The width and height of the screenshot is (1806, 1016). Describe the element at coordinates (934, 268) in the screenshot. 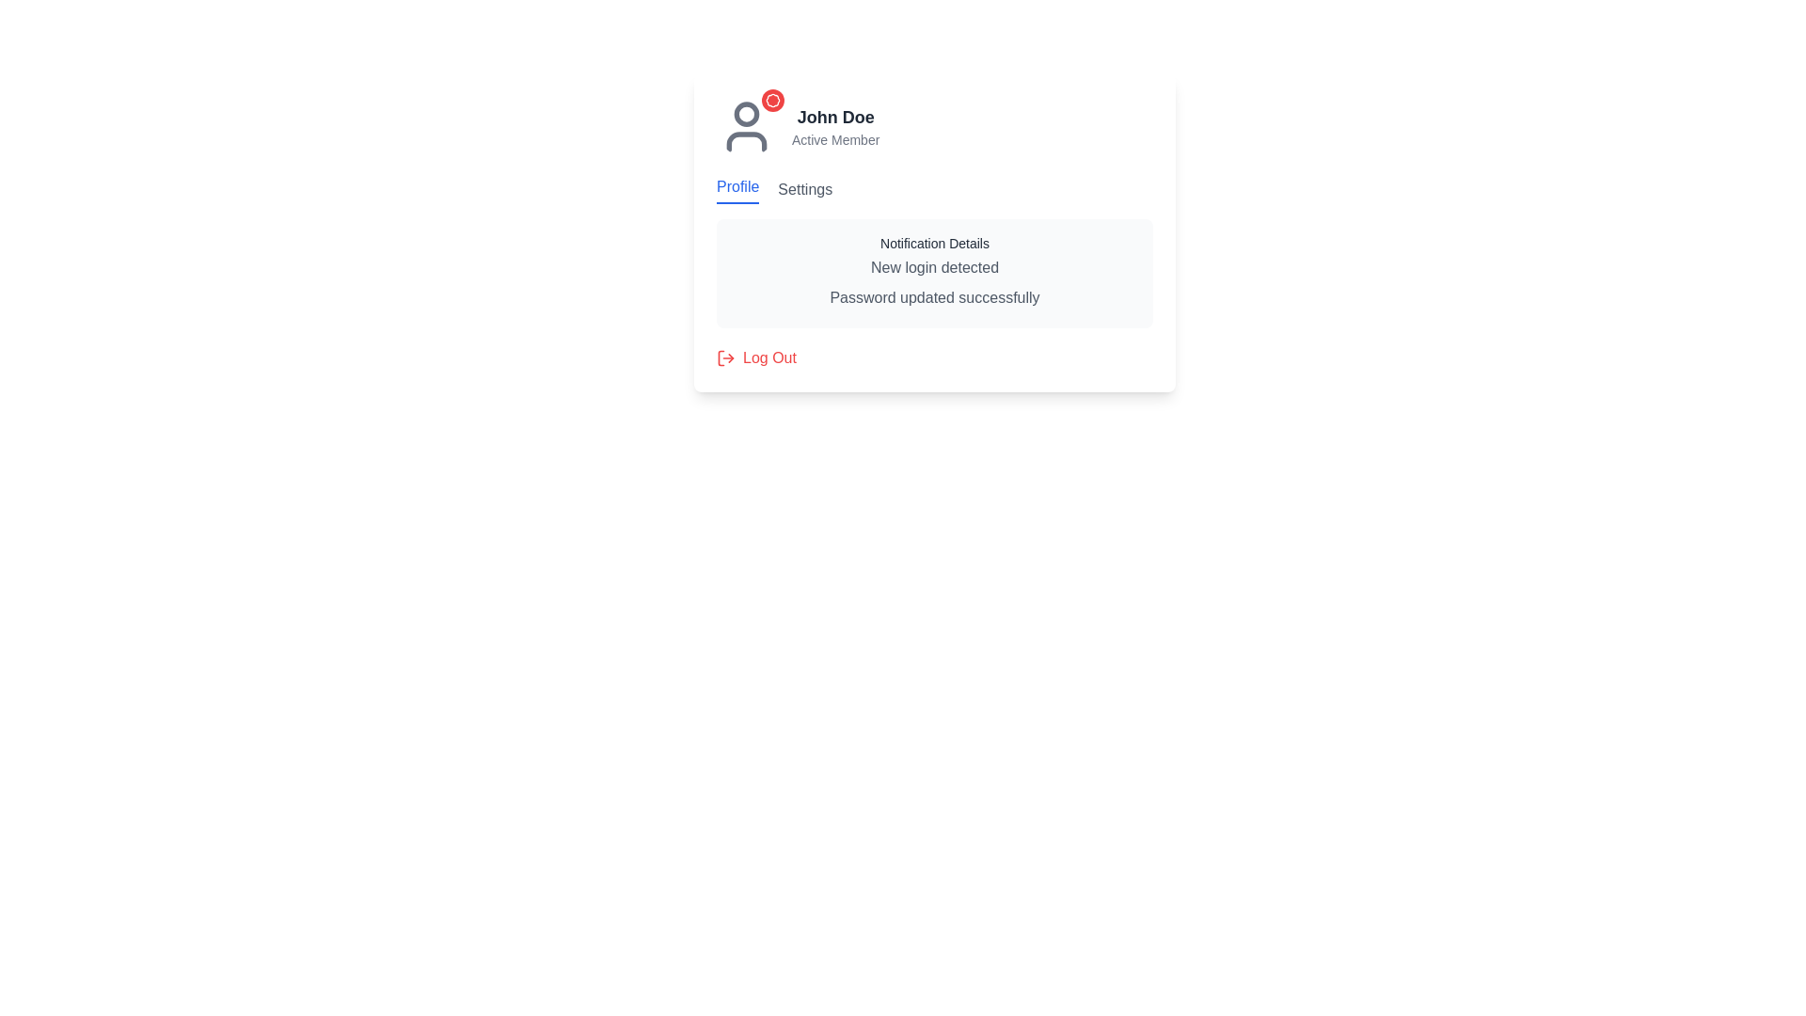

I see `the text label displaying 'New login detected' which is located at the top of the notification list` at that location.